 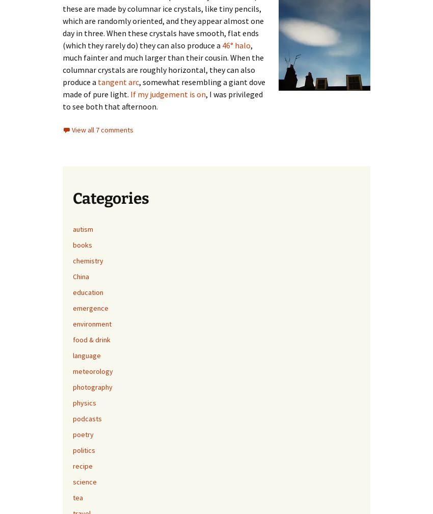 What do you see at coordinates (87, 292) in the screenshot?
I see `'education'` at bounding box center [87, 292].